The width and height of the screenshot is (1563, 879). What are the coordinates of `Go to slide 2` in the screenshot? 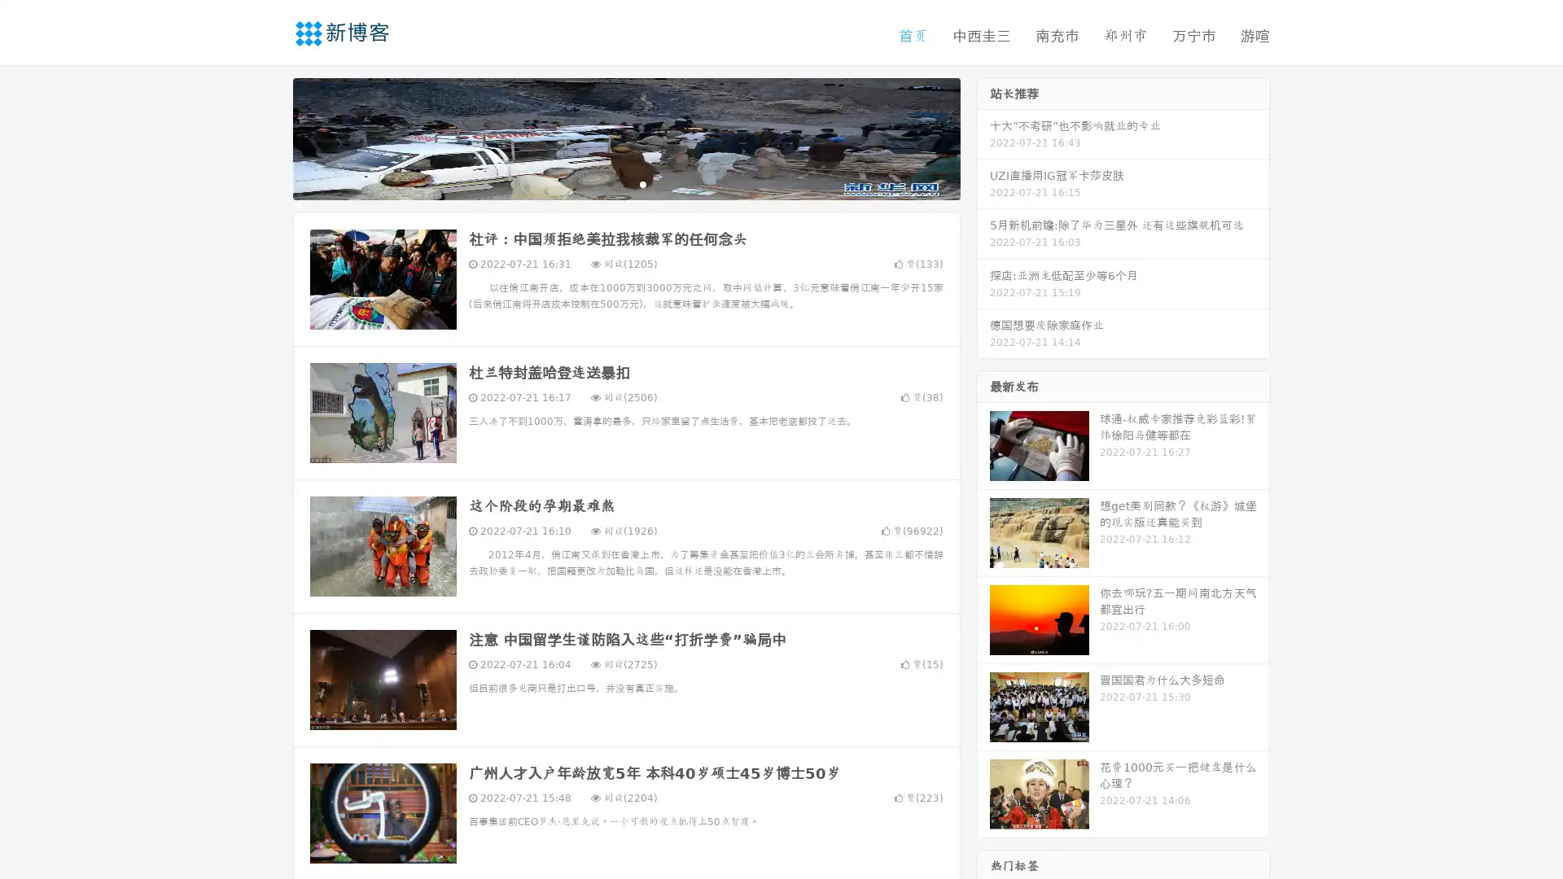 It's located at (625, 183).